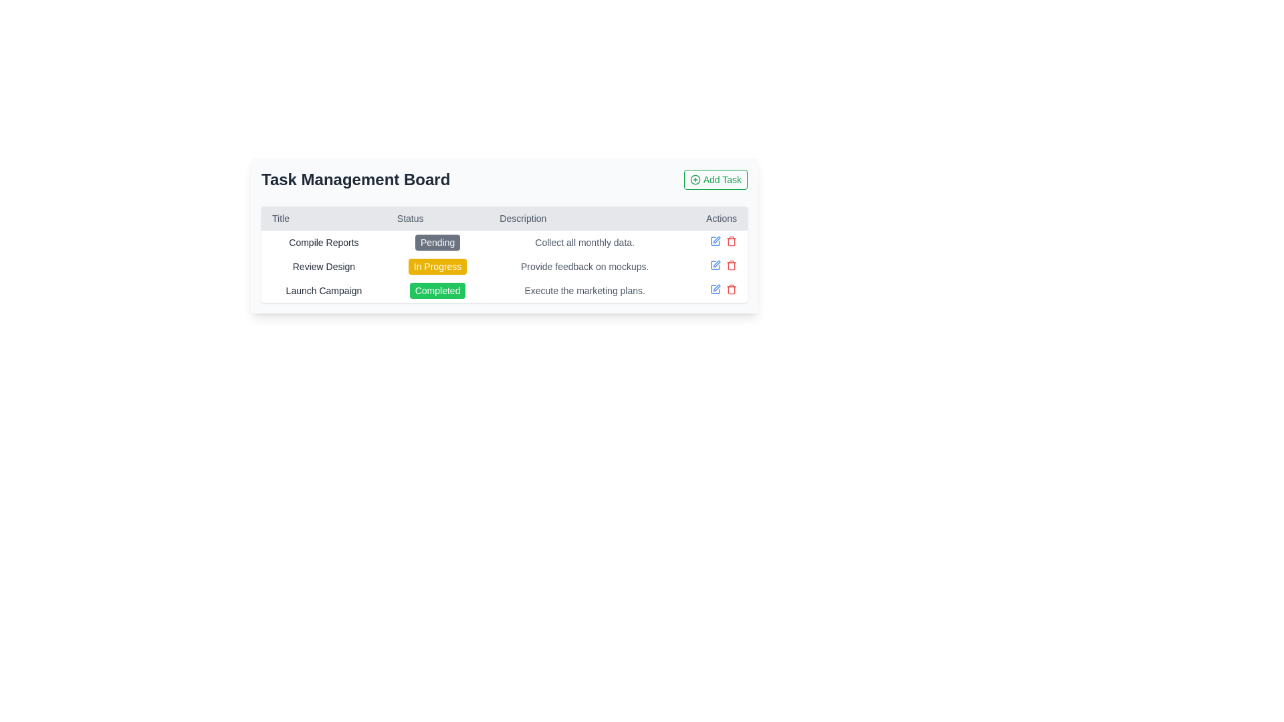  Describe the element at coordinates (695, 179) in the screenshot. I see `the graphic icon located in the top right corner of the interface, which indicates the action of adding a task and is positioned within the 'Add Task' button` at that location.